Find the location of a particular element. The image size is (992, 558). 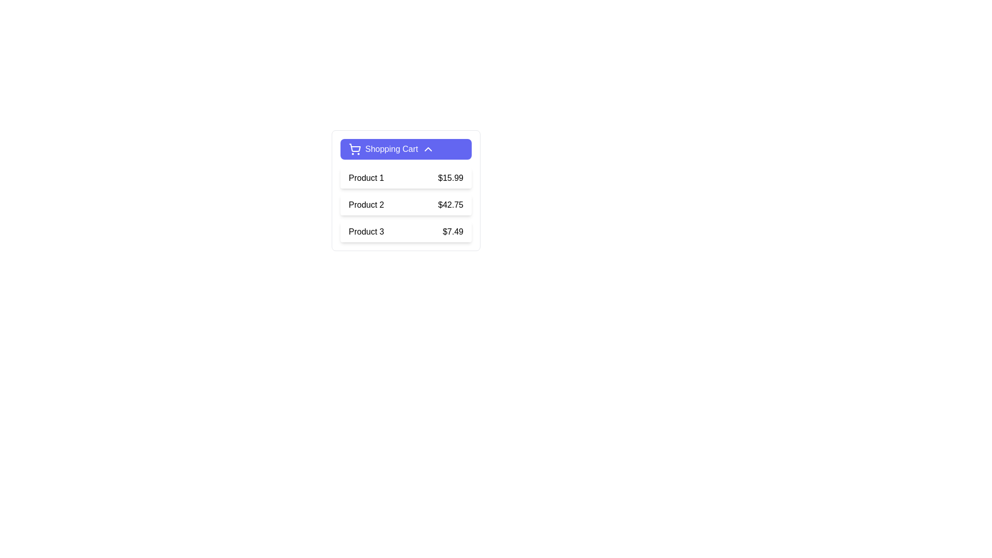

to select the product card representing the second item in the shopping cart, which includes the product's name and price is located at coordinates (406, 205).